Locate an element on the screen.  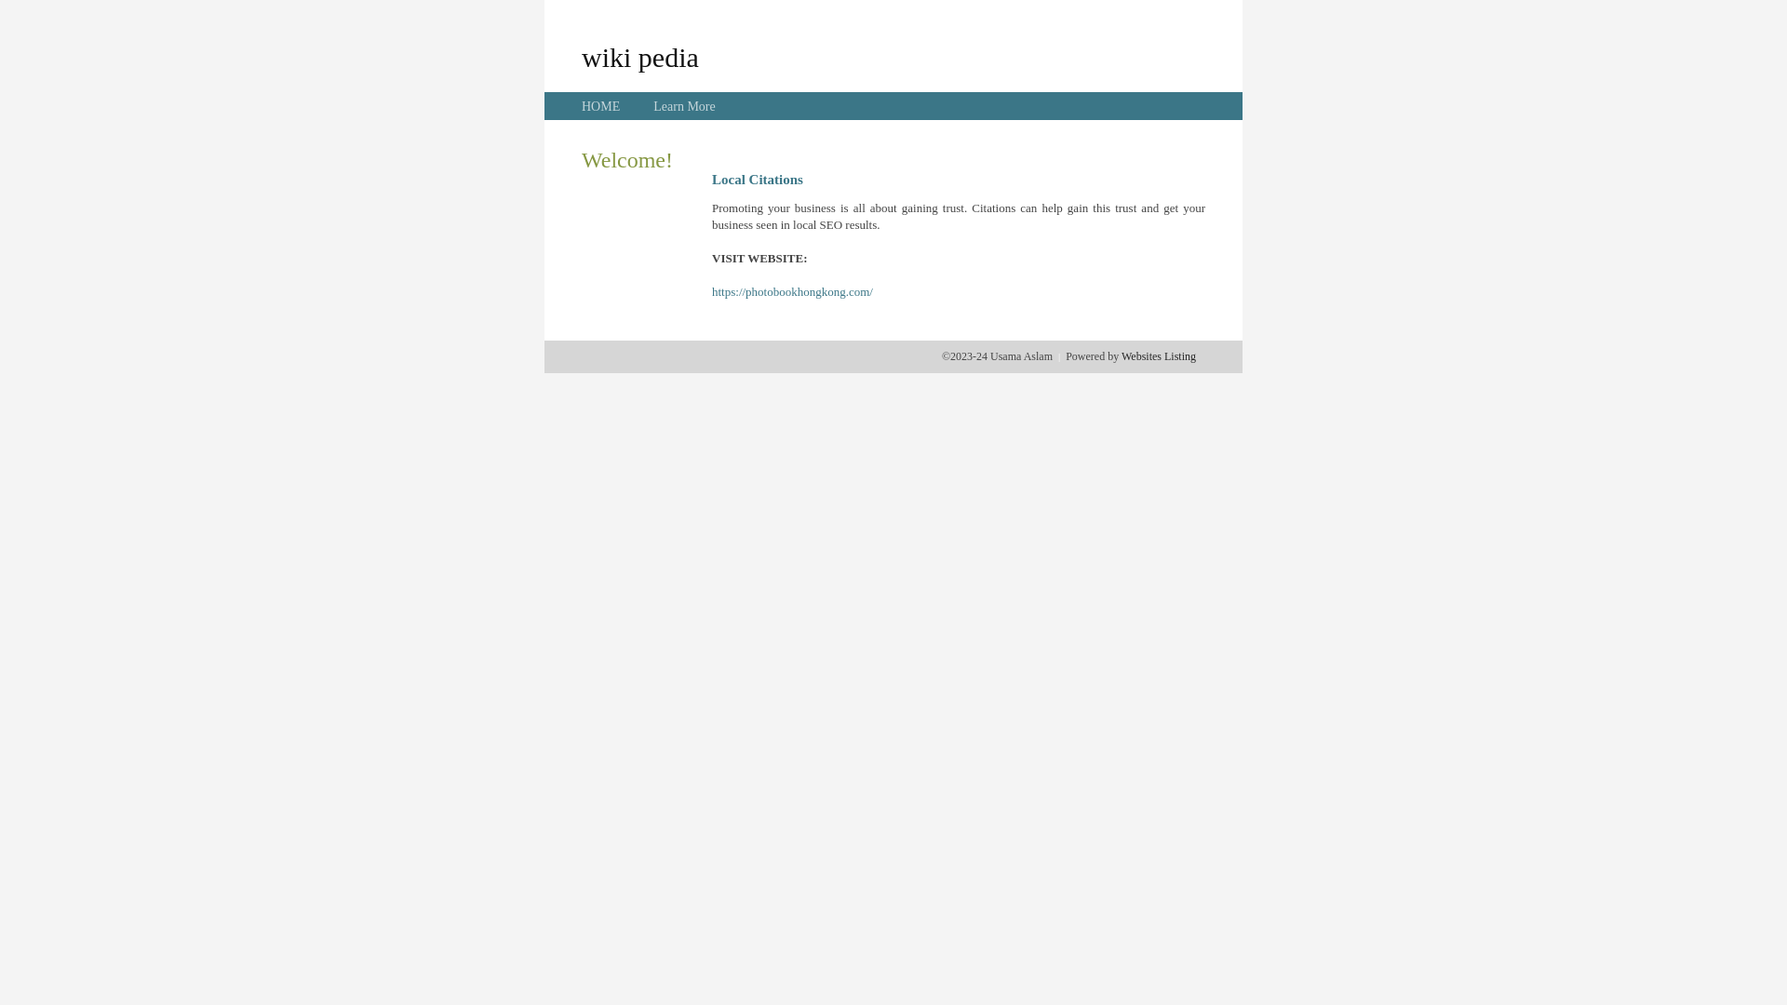
'HOME' is located at coordinates (600, 106).